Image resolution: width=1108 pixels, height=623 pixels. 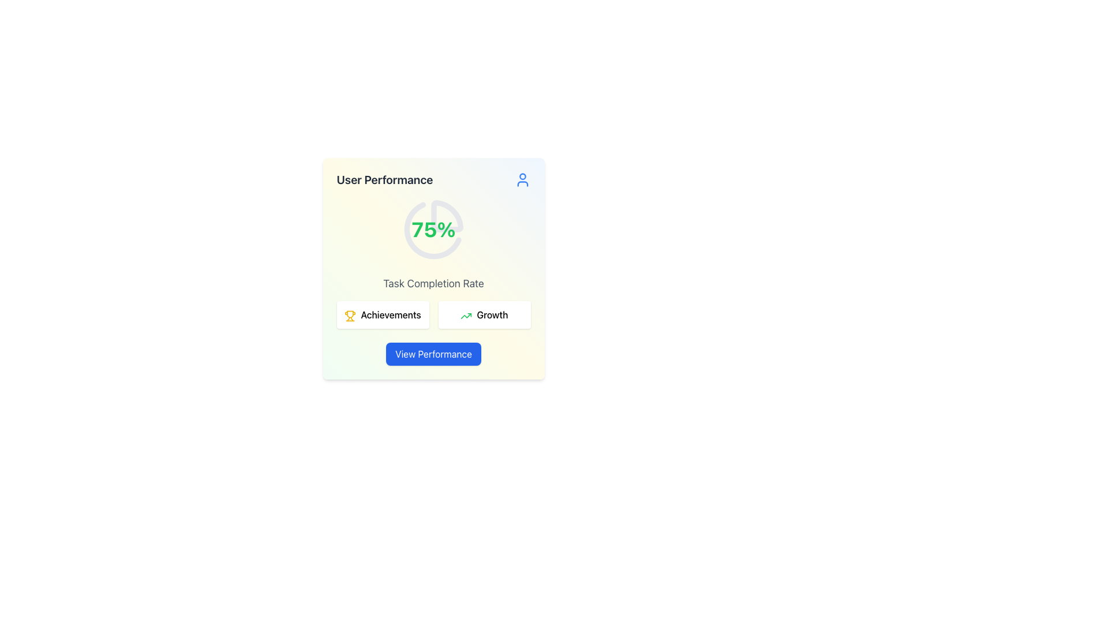 What do you see at coordinates (433, 229) in the screenshot?
I see `the static text element that visually represents a percentage value indicating the completion rate, located at the center of a circular graphical representation within the 'User Performance' card, above the label 'Task Completion Rate'` at bounding box center [433, 229].